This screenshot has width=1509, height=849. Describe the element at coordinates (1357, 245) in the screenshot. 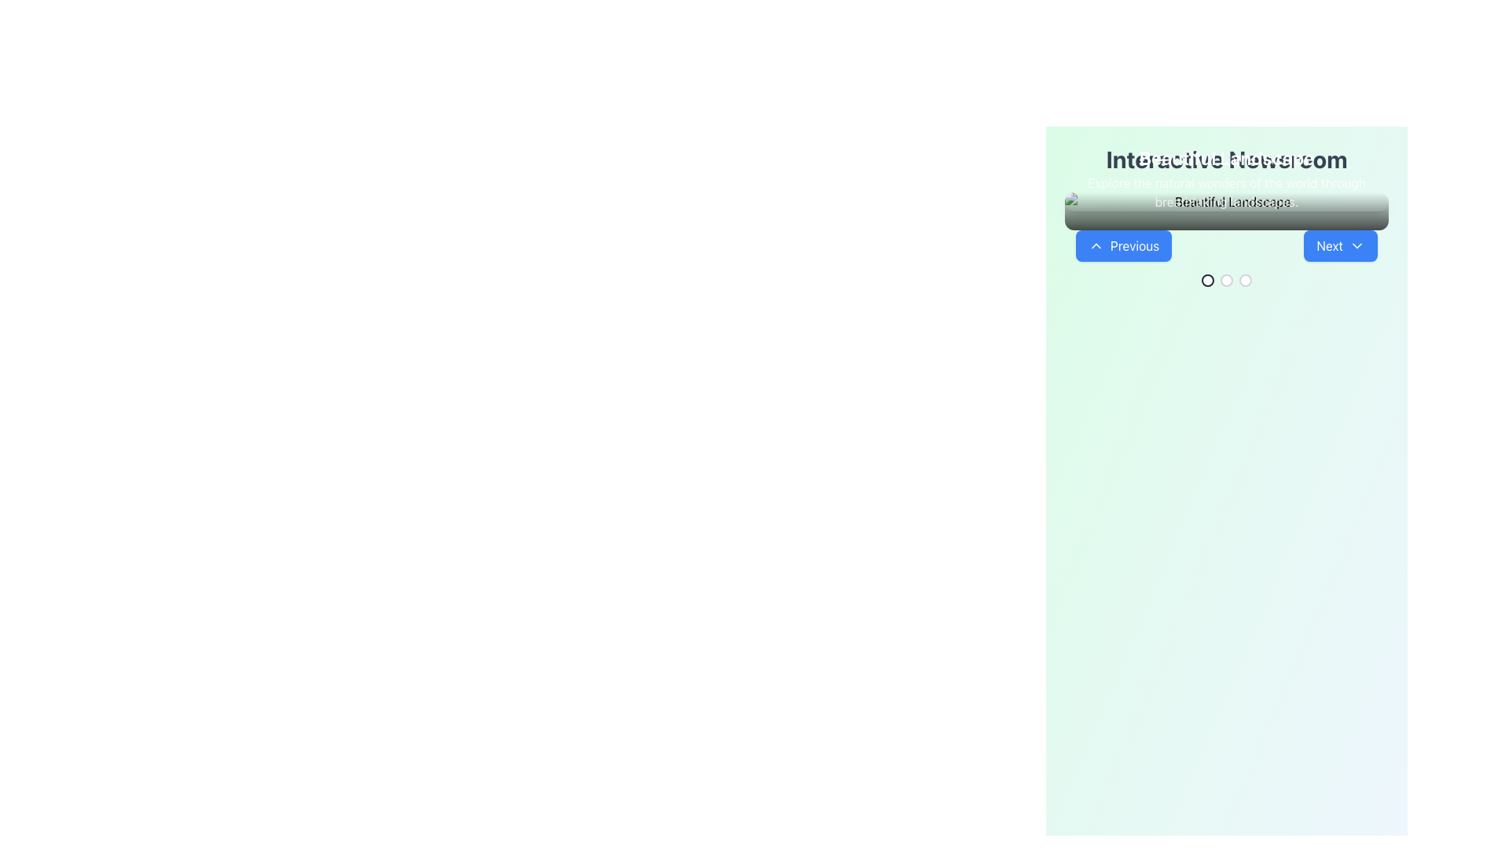

I see `the small downward-pointing chevron icon located on the right-hand side of the 'Next' button` at that location.